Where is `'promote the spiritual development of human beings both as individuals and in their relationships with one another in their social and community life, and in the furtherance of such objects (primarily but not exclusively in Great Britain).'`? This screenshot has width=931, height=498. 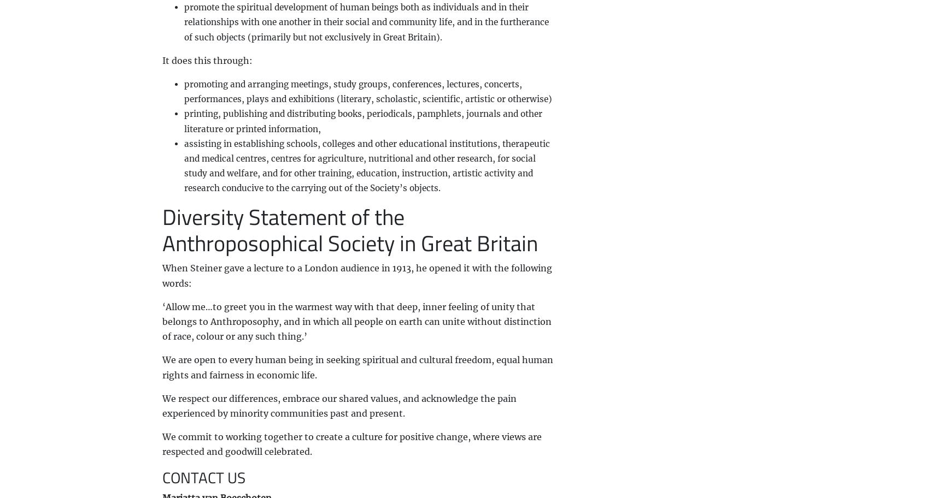 'promote the spiritual development of human beings both as individuals and in their relationships with one another in their social and community life, and in the furtherance of such objects (primarily but not exclusively in Great Britain).' is located at coordinates (365, 21).